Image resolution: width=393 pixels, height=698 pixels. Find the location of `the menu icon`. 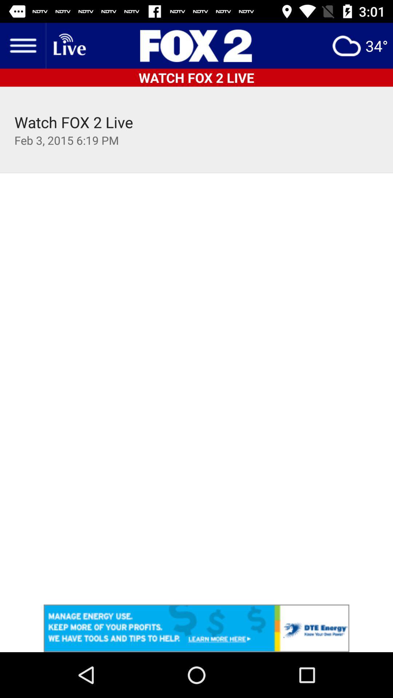

the menu icon is located at coordinates (22, 45).